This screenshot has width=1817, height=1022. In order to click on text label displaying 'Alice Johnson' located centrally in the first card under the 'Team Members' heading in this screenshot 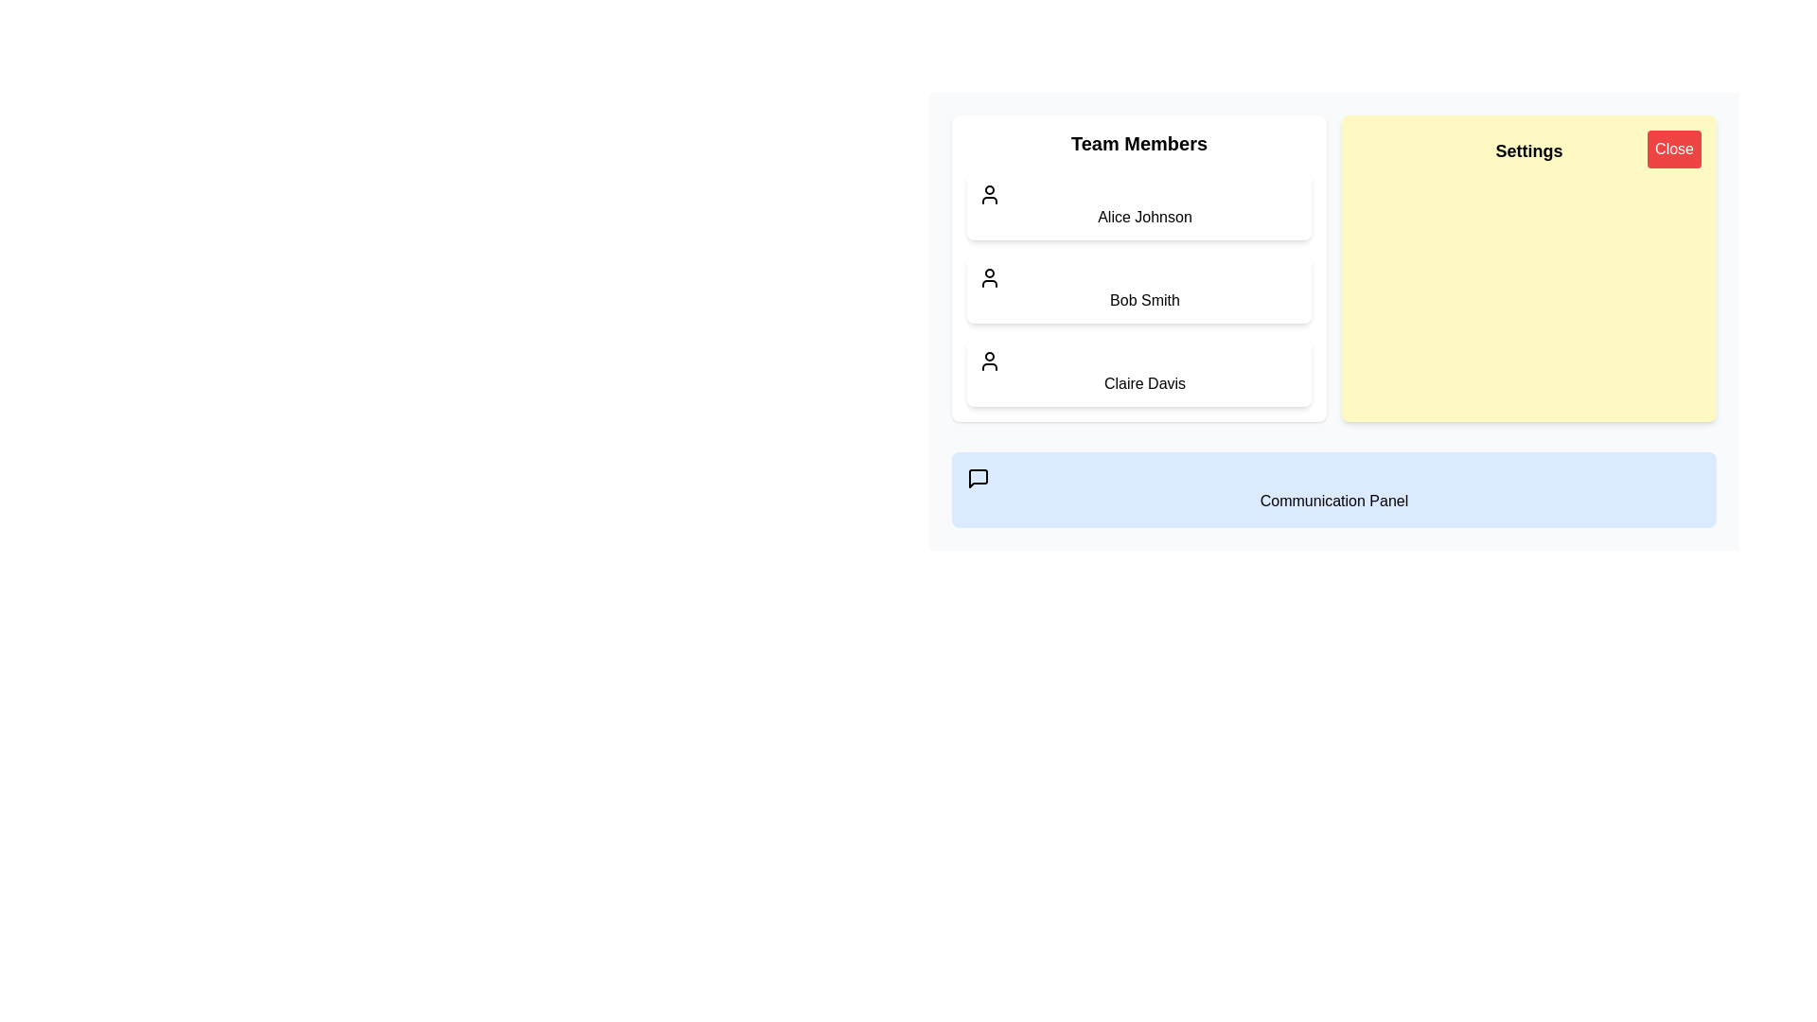, I will do `click(1143, 216)`.